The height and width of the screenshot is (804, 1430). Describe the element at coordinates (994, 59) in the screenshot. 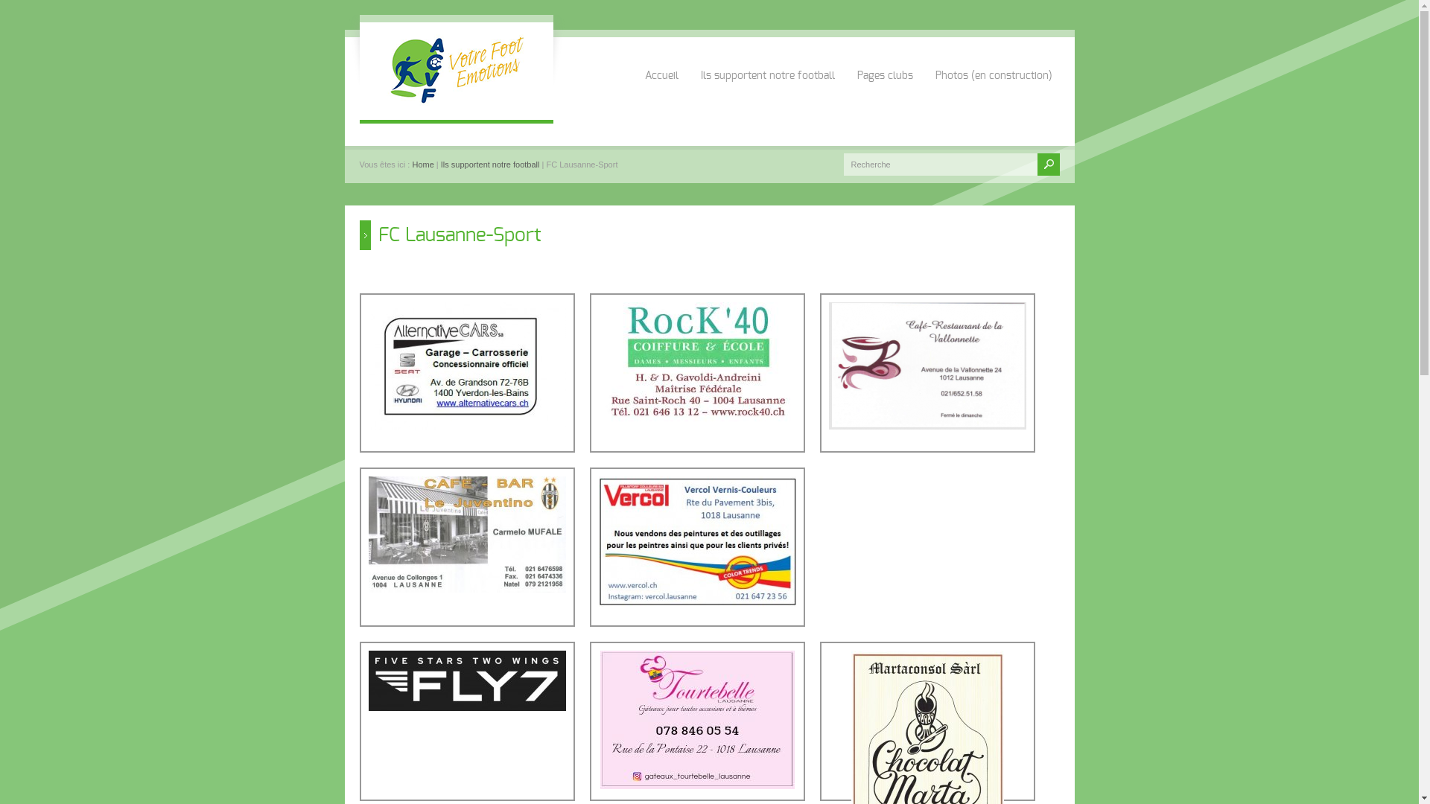

I see `'Photos (en construction)'` at that location.